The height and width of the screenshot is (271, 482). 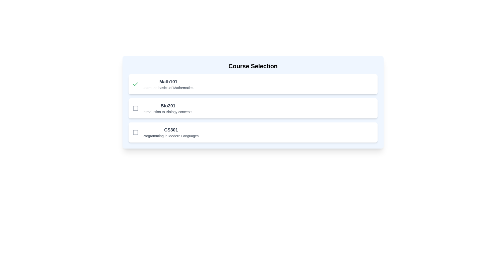 I want to click on the checkbox on the third selectable list item labeled 'CS301', so click(x=253, y=132).